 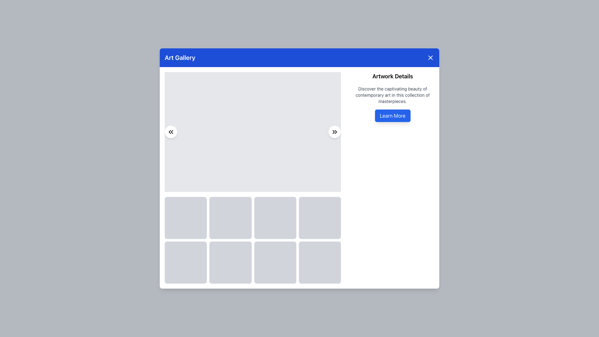 What do you see at coordinates (275, 262) in the screenshot?
I see `the light gray square with rounded corners, which is the third square in the second row of the 4x2 grid located at the bottom of the visible area` at bounding box center [275, 262].